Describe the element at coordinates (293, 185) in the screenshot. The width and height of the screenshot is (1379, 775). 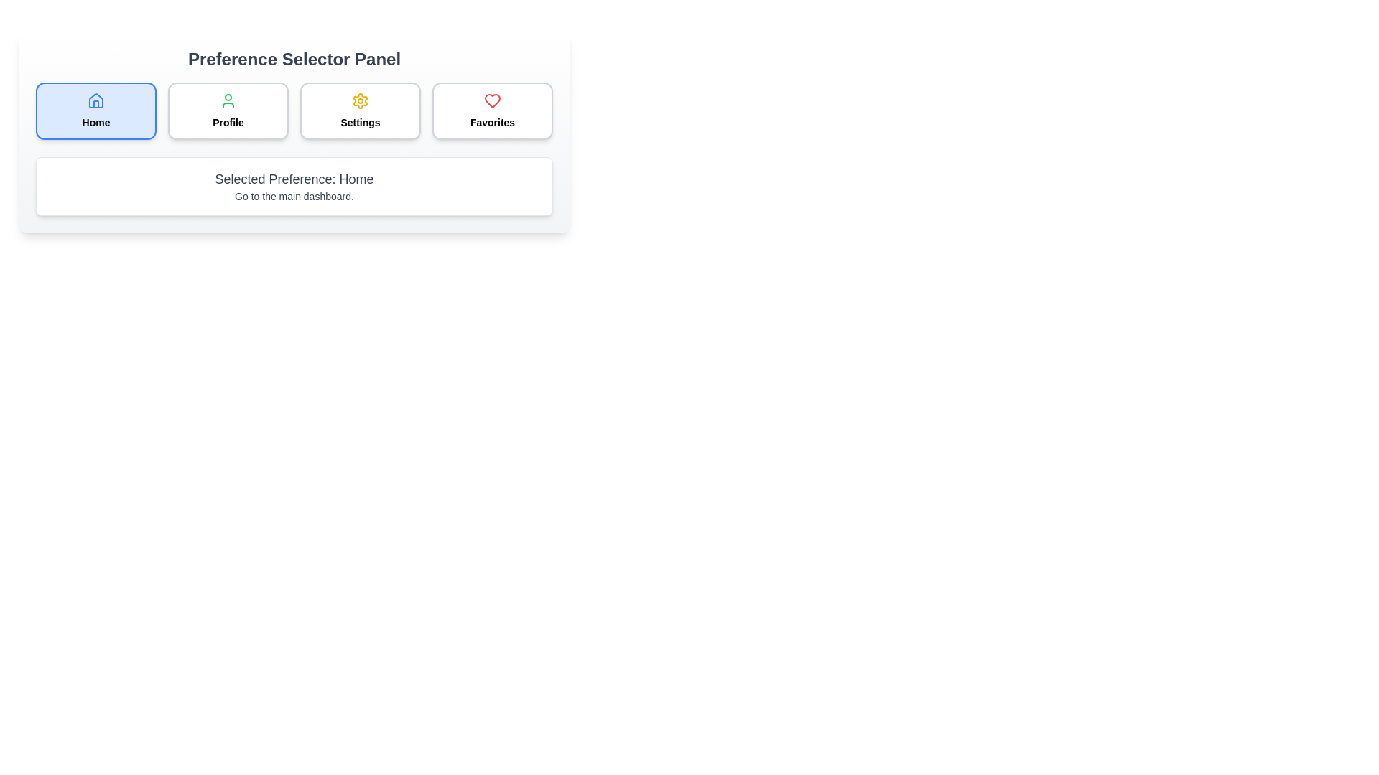
I see `the informational text block that displays the summary of the user's selected preference 'Home' and additional information 'Go to the main dashboard.' This block is located directly below the preference selection options within the 'Preference Selector Panel.'` at that location.